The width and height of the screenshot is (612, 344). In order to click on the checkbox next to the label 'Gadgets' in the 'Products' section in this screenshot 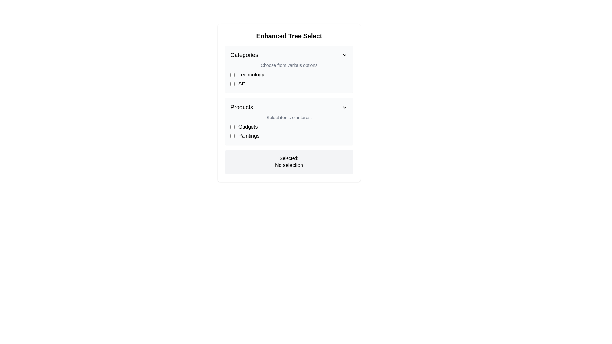, I will do `click(232, 127)`.